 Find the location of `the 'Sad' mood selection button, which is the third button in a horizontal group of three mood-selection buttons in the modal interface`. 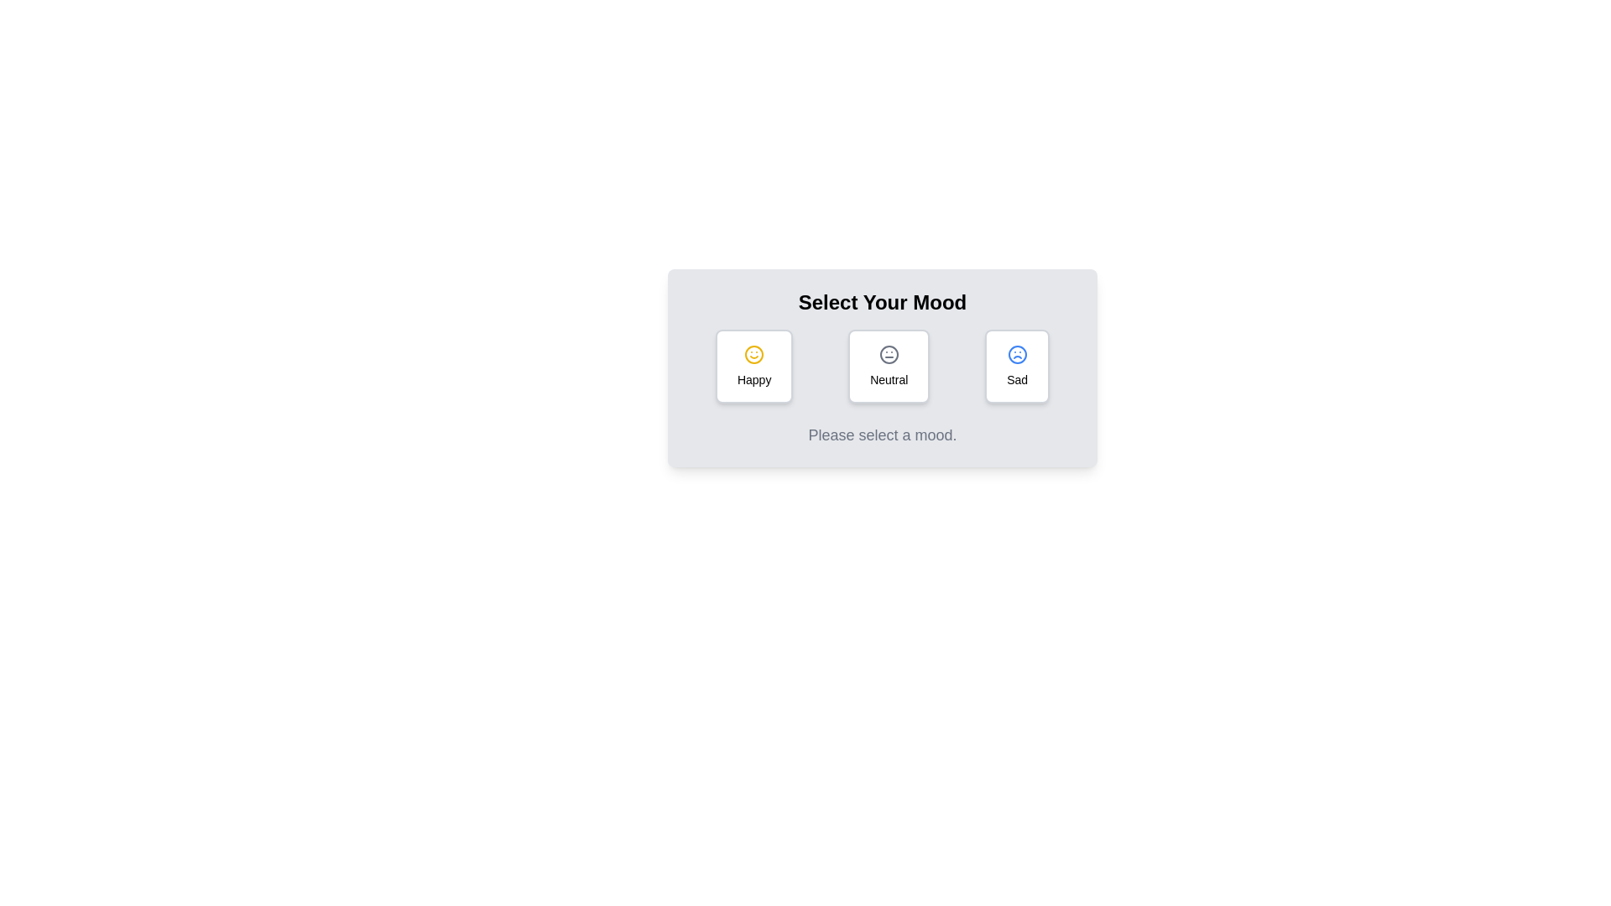

the 'Sad' mood selection button, which is the third button in a horizontal group of three mood-selection buttons in the modal interface is located at coordinates (1016, 365).